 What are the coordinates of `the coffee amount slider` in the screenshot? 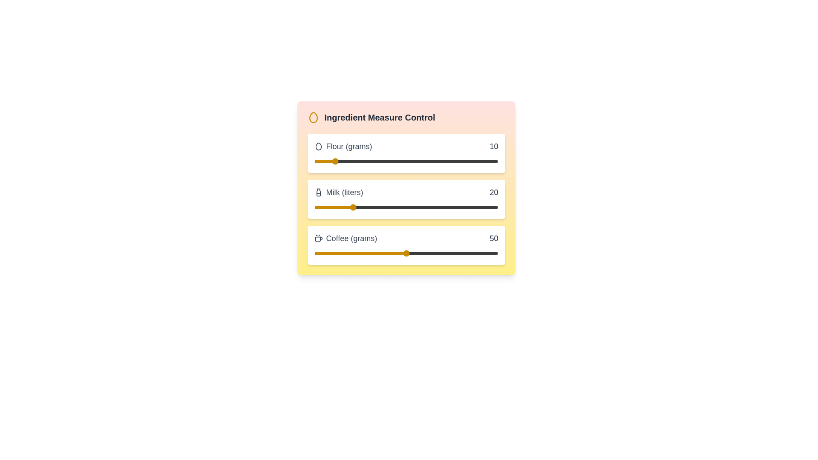 It's located at (362, 253).